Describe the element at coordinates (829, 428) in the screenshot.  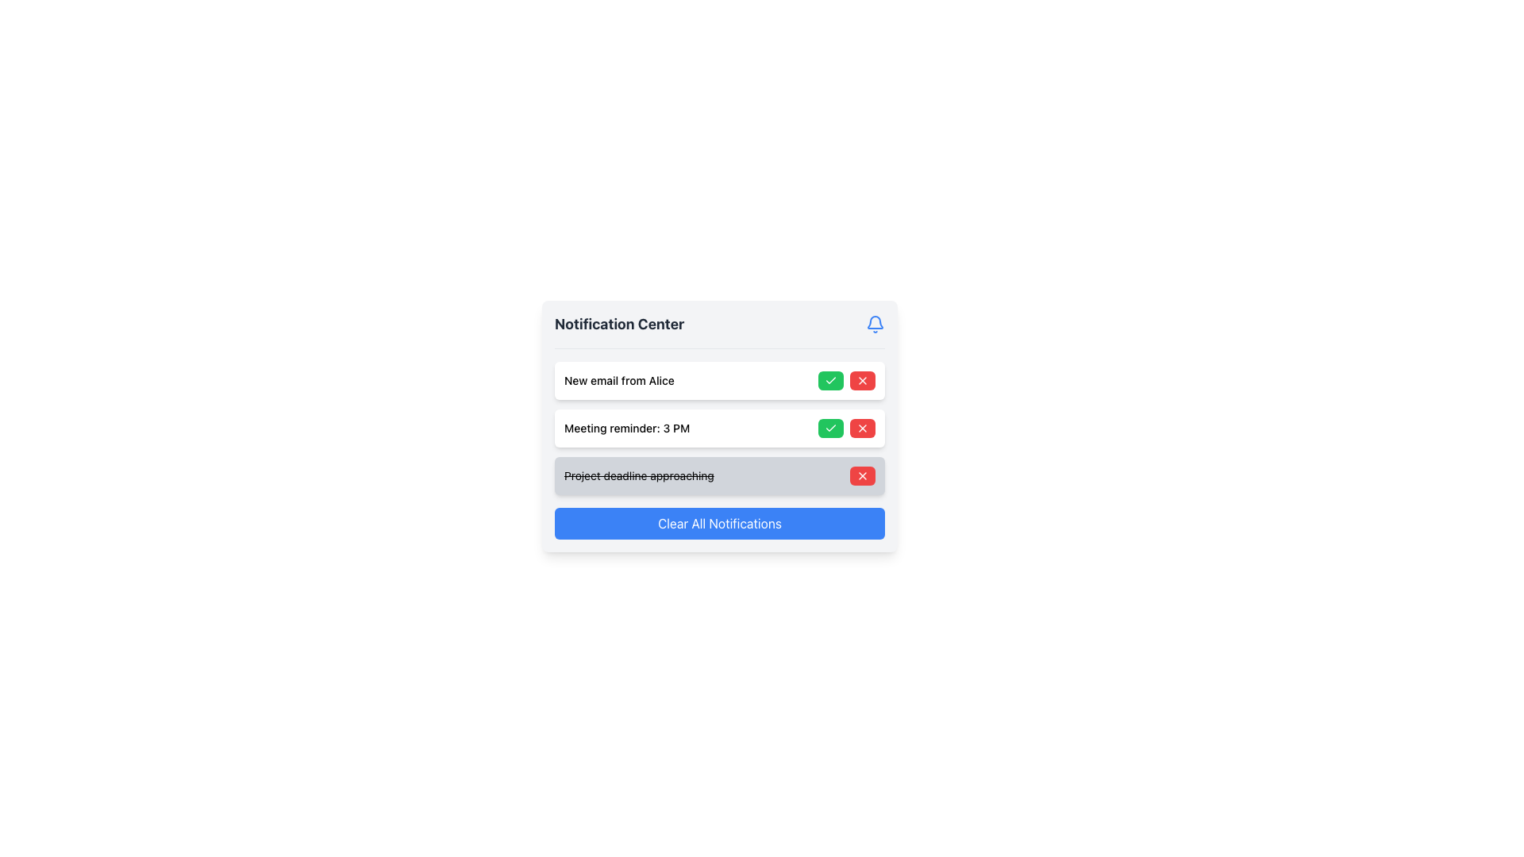
I see `the green button with rounded corners and a white check icon located in the notification for 'Meeting reminder: 3 PM'` at that location.